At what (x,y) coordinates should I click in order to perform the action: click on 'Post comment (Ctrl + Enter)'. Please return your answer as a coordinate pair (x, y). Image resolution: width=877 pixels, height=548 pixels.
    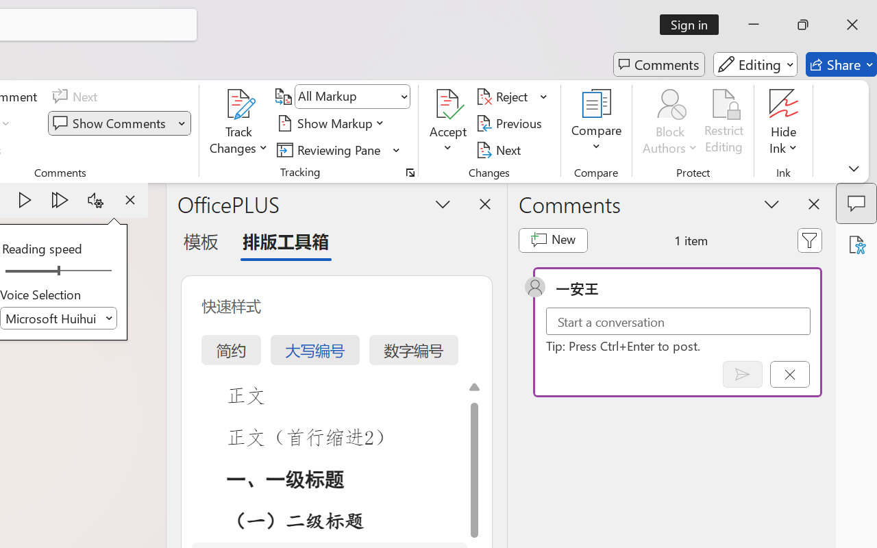
    Looking at the image, I should click on (742, 374).